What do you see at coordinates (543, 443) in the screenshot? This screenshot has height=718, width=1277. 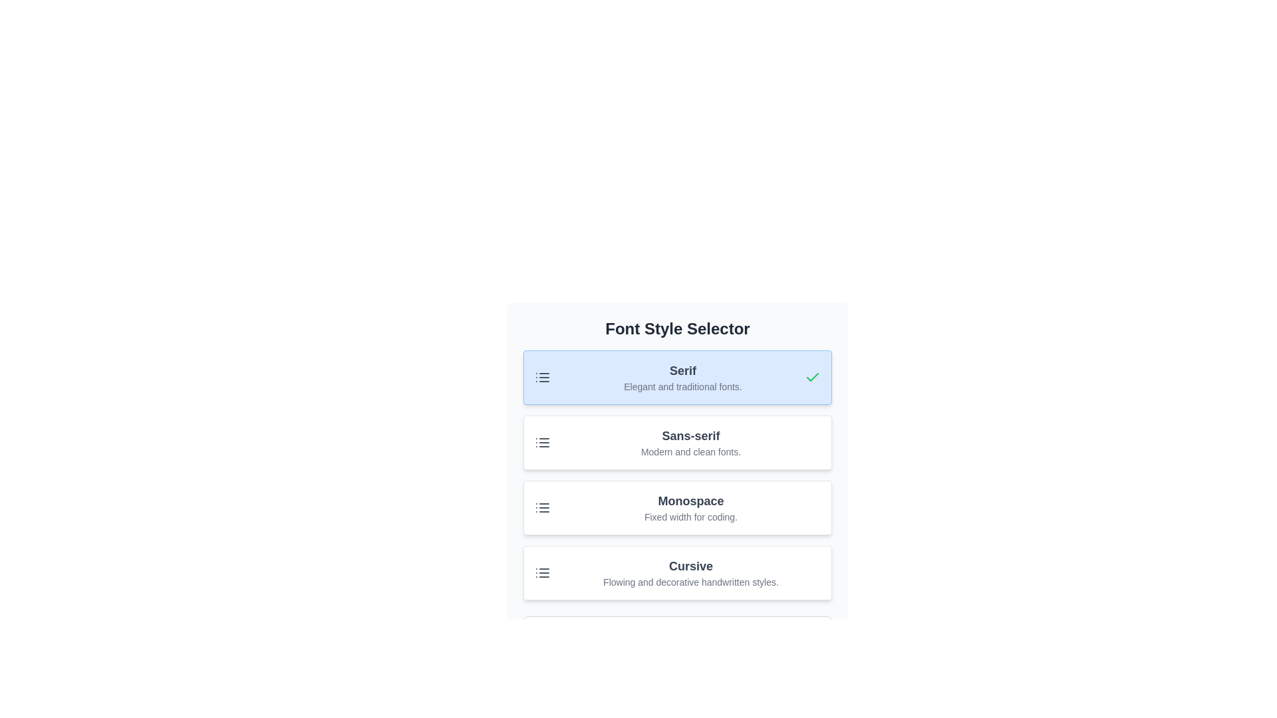 I see `the minimalist gray icon depicting three horizontal lines, located to the left of the 'Sans-serif' text within its card` at bounding box center [543, 443].